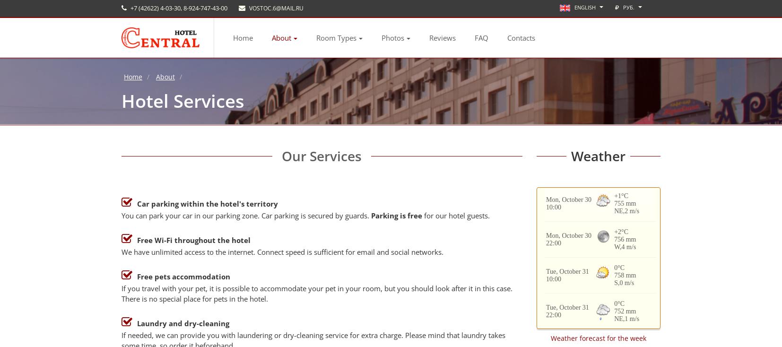  Describe the element at coordinates (177, 8) in the screenshot. I see `'+7 (42622) 4-03-30, 8-924-747-43-00'` at that location.